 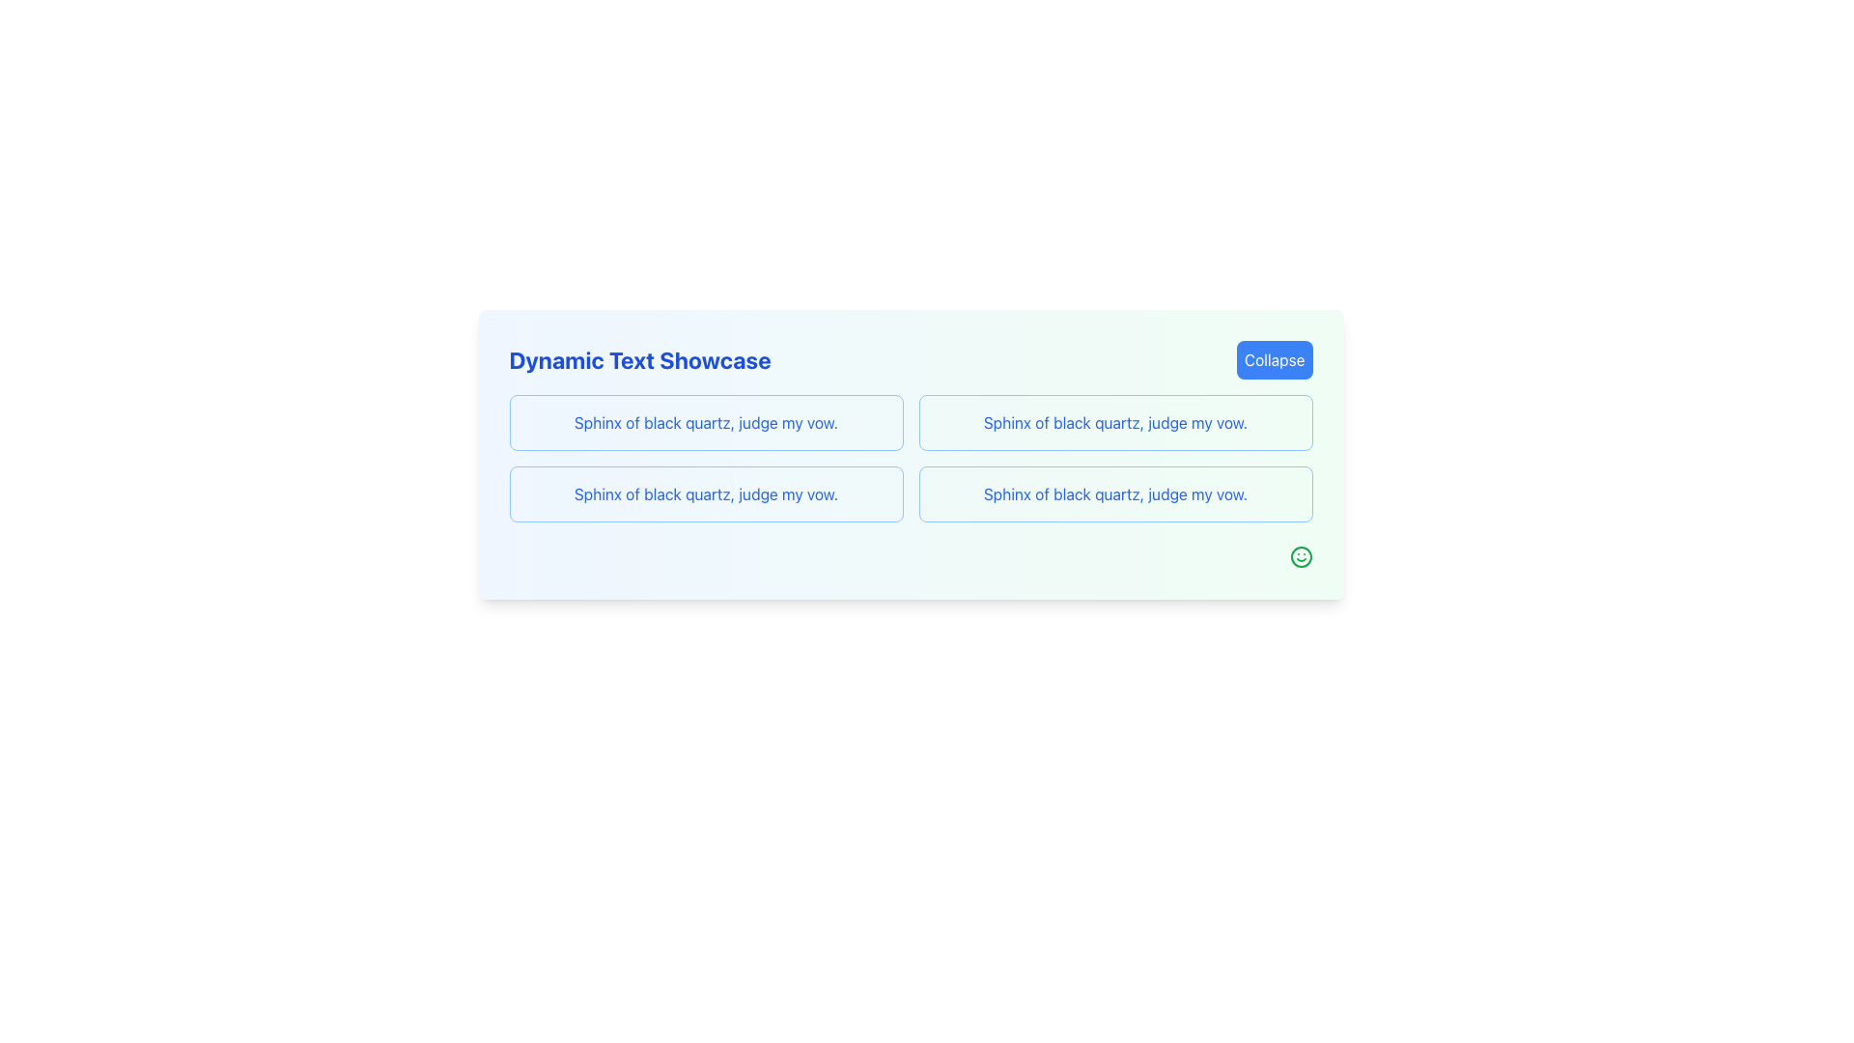 I want to click on the text element displaying 'Dynamic Text Showcase' in a bold, extra-large blue font located near the top-left section of the content area, so click(x=640, y=360).